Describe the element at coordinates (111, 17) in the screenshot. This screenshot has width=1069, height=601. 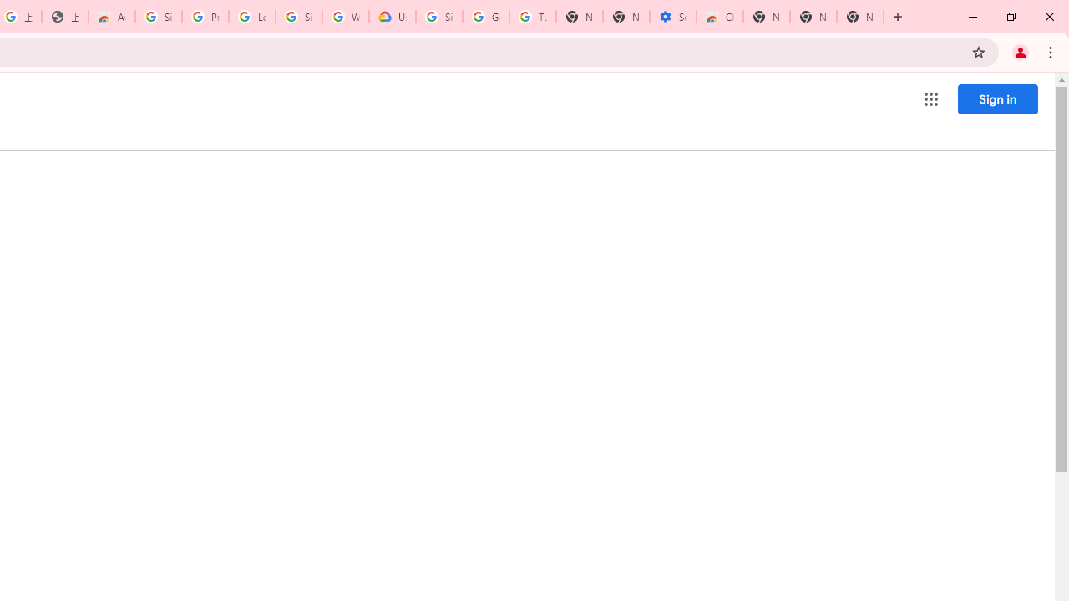
I see `'Awesome Screen Recorder & Screenshot - Chrome Web Store'` at that location.